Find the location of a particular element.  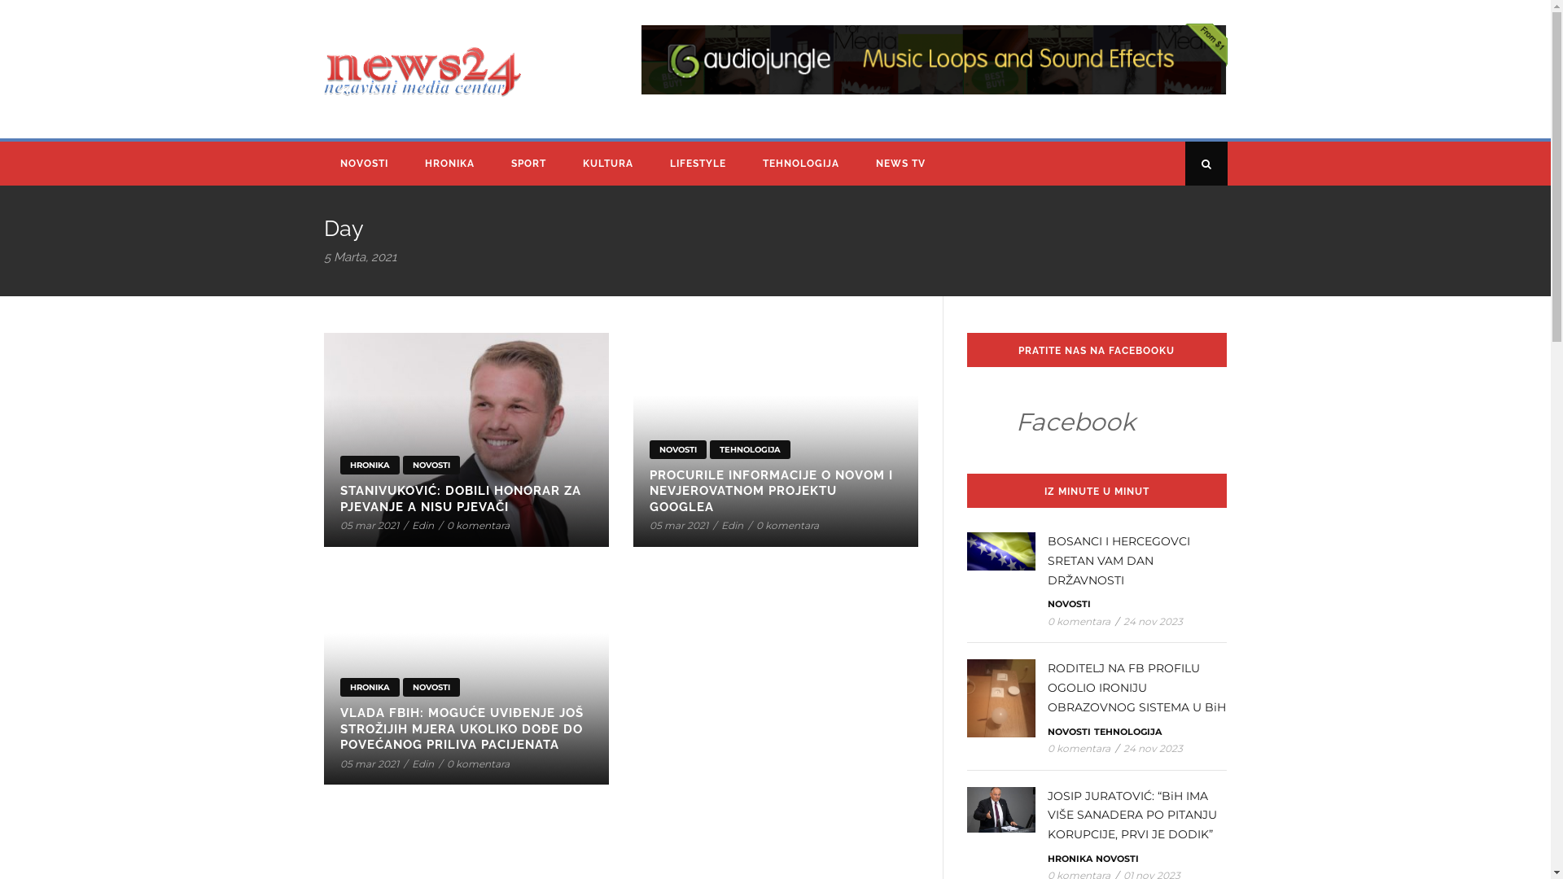

'0 komentara' is located at coordinates (476, 525).